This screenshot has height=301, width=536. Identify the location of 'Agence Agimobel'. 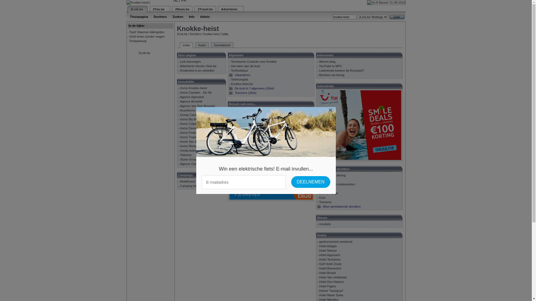
(192, 96).